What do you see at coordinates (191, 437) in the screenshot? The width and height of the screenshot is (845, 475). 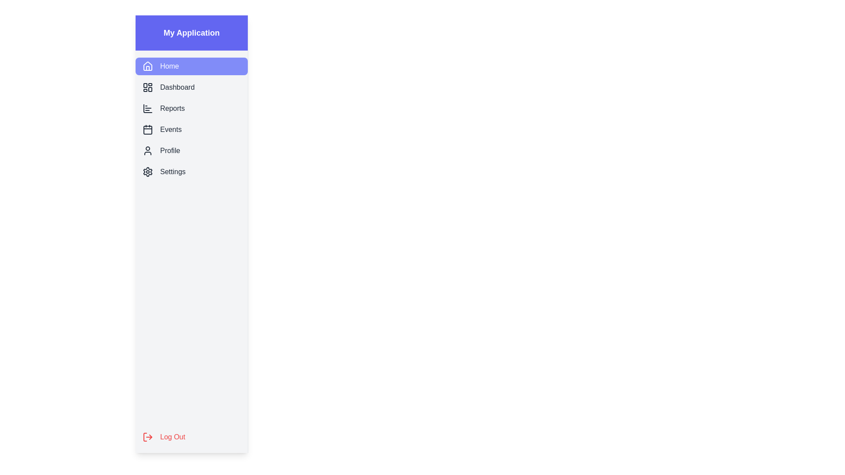 I see `the logout button located at the bottom of the vertical sidebar menu` at bounding box center [191, 437].